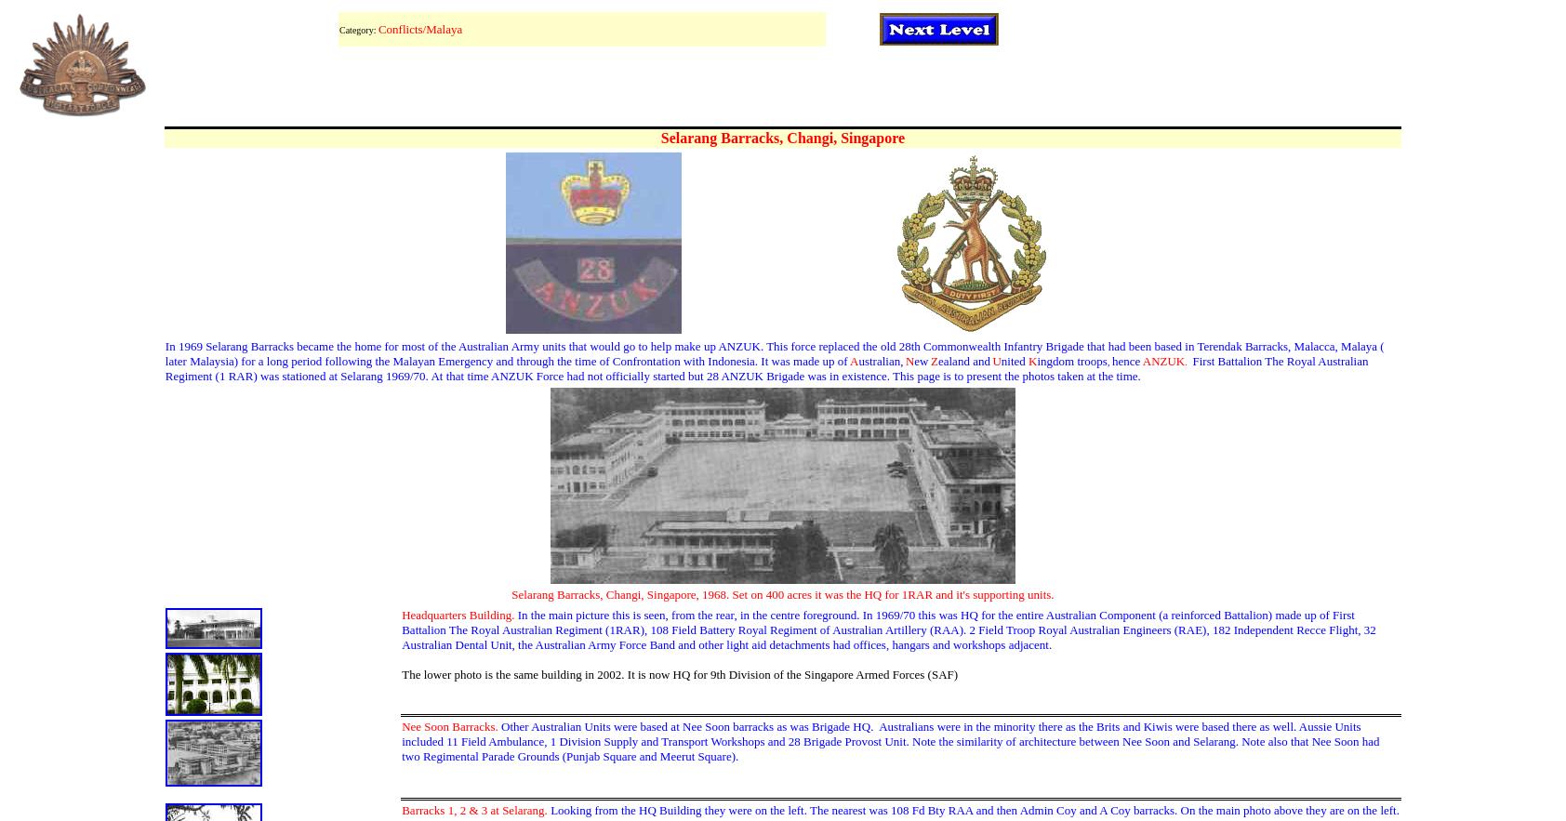 The width and height of the screenshot is (1566, 821). What do you see at coordinates (782, 138) in the screenshot?
I see `'Selarang Barracks, Changi,
        Singapore'` at bounding box center [782, 138].